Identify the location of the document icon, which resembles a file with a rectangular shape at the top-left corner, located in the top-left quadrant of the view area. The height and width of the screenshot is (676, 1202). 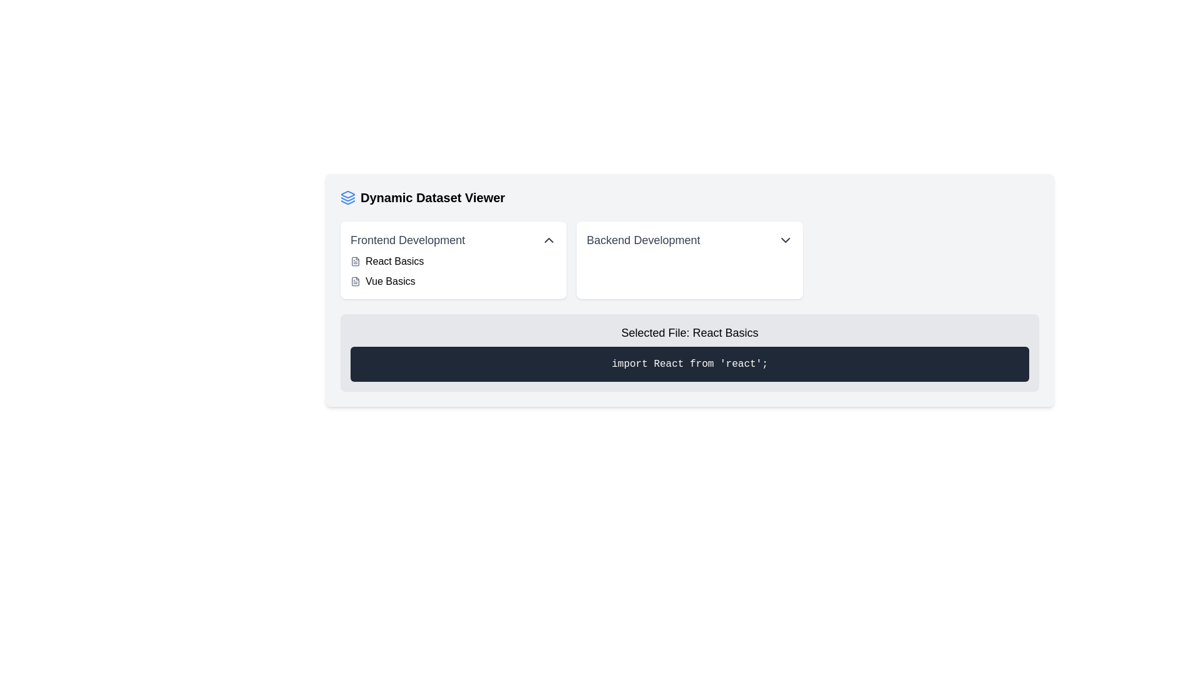
(354, 260).